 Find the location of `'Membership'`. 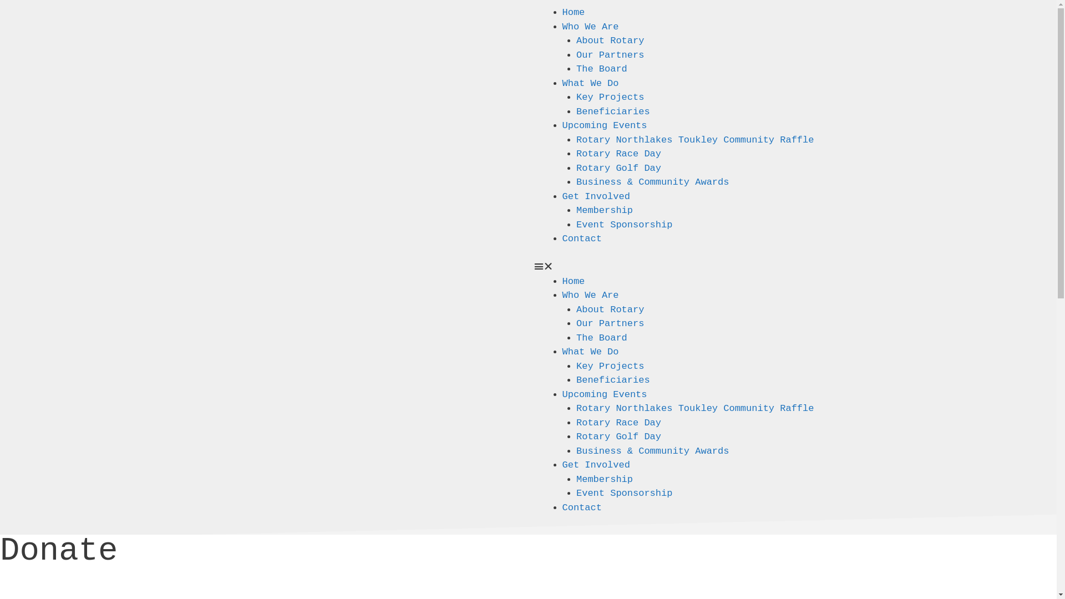

'Membership' is located at coordinates (576, 210).